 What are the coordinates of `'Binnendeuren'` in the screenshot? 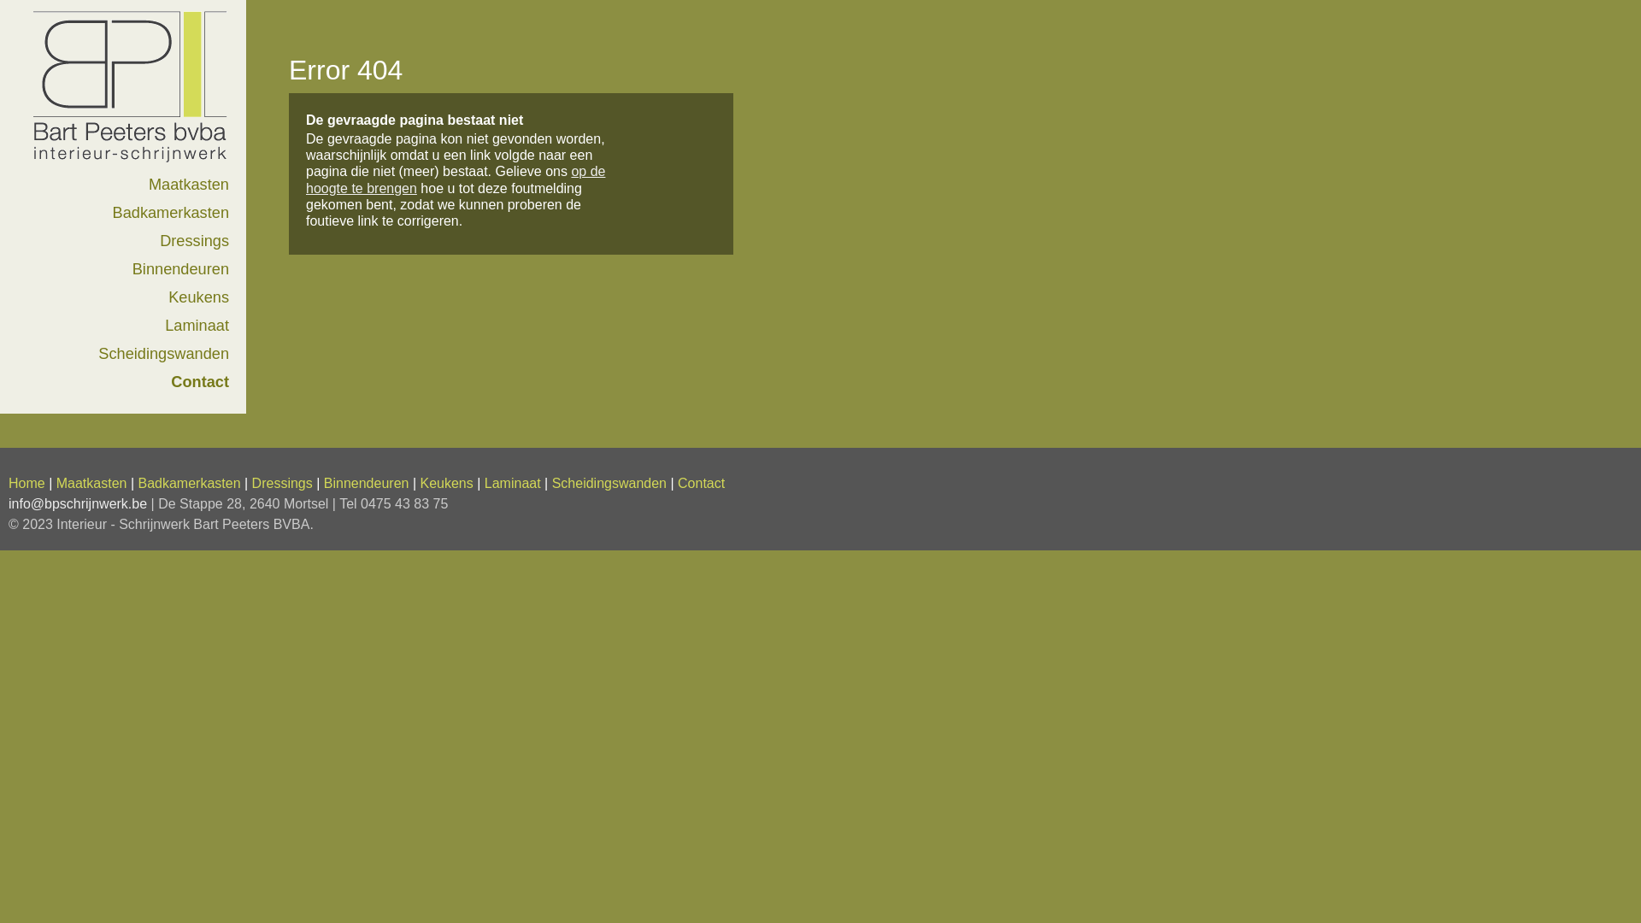 It's located at (365, 483).